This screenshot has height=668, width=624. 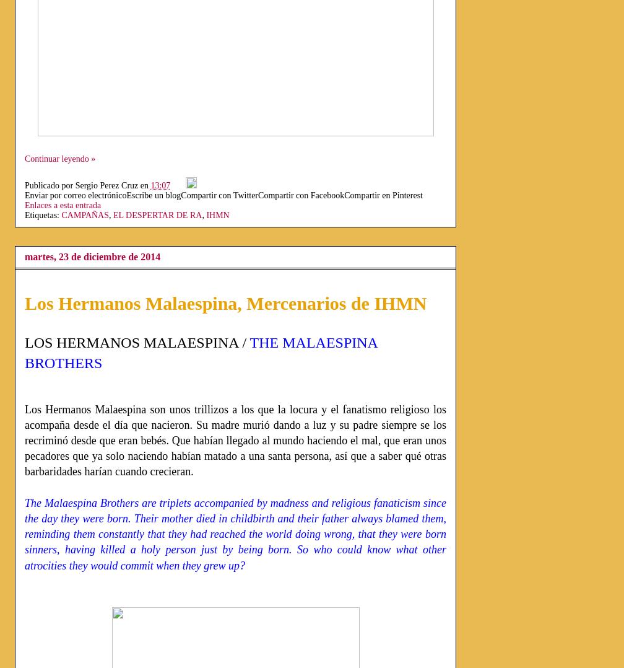 What do you see at coordinates (160, 185) in the screenshot?
I see `'13:07'` at bounding box center [160, 185].